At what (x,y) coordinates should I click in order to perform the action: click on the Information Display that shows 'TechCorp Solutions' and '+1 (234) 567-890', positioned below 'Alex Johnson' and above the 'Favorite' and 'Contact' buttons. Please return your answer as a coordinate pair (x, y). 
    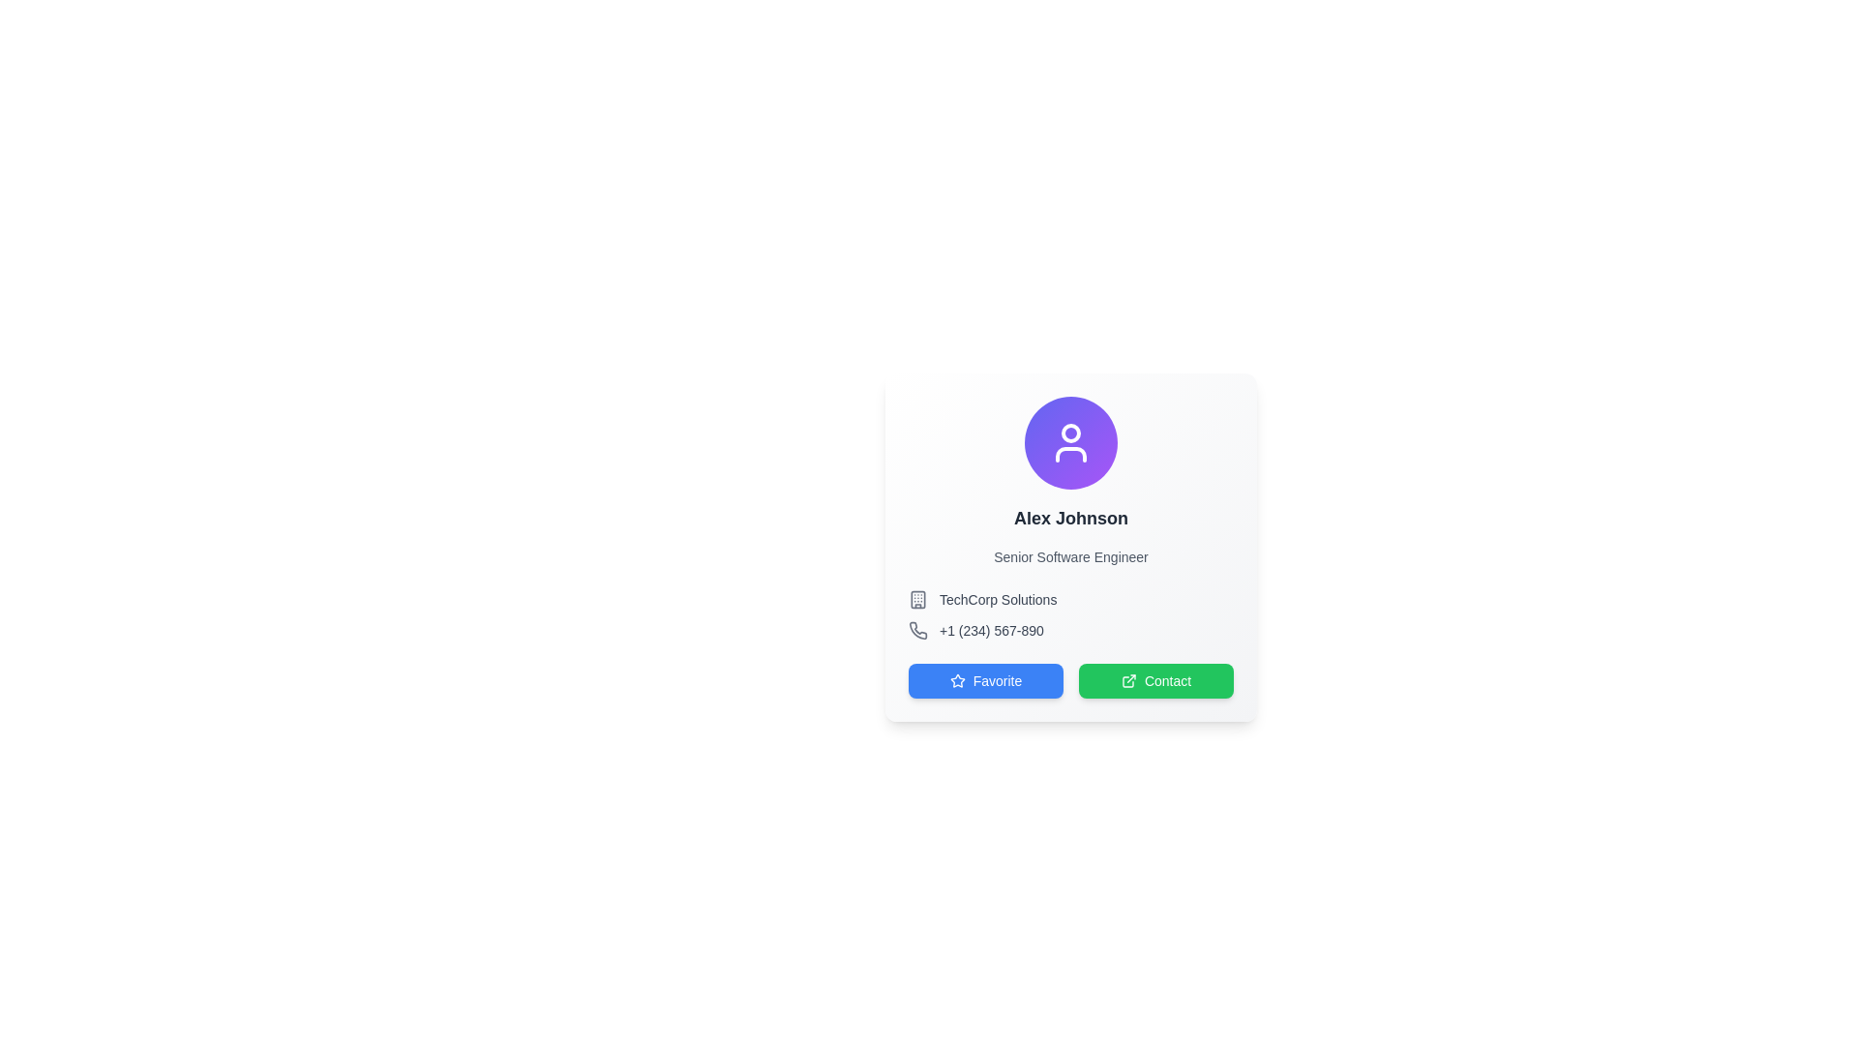
    Looking at the image, I should click on (1070, 615).